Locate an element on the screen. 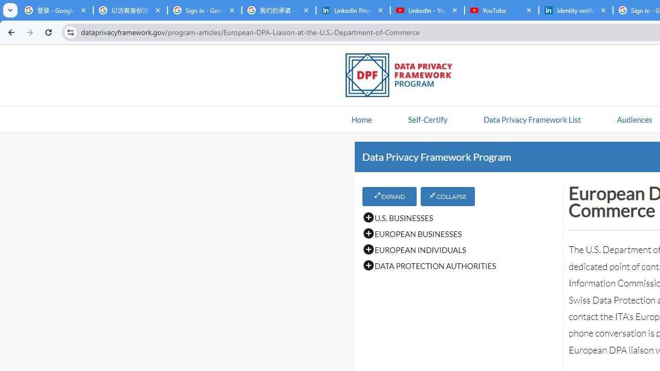 This screenshot has height=371, width=660. 'Audiences' is located at coordinates (634, 119).